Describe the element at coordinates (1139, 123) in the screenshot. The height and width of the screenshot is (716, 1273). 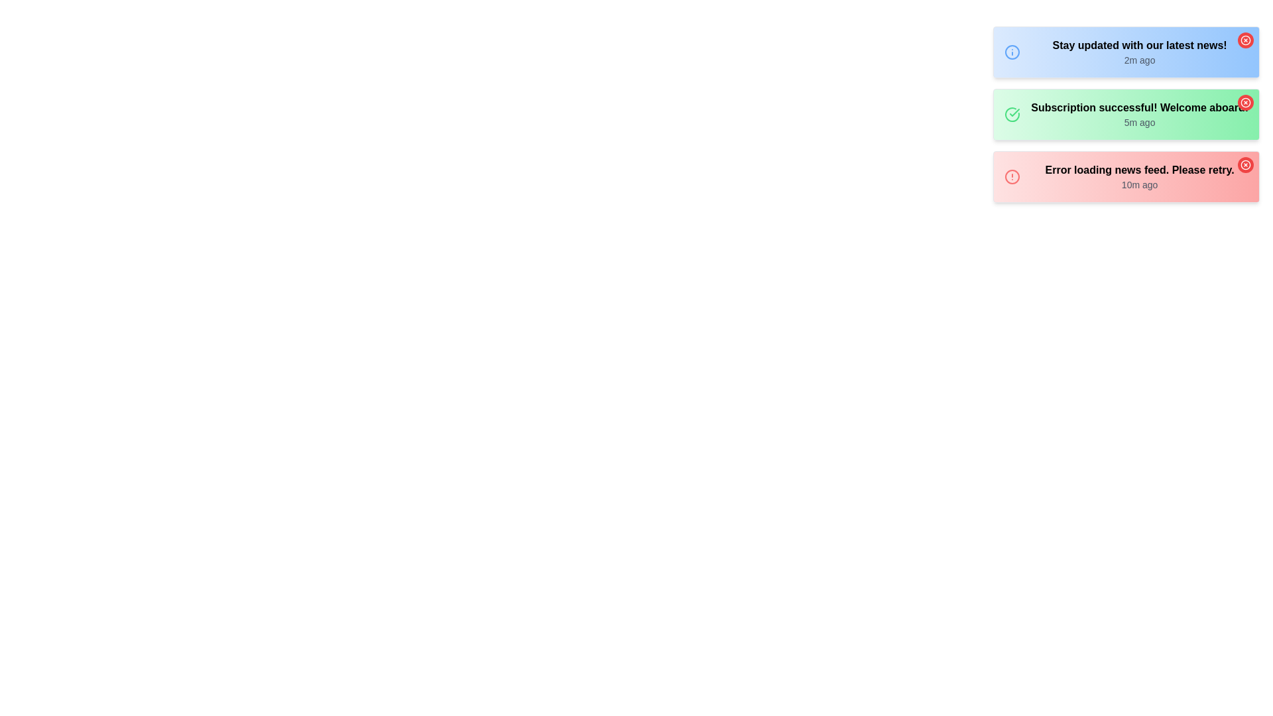
I see `the static text label that shows the timestamp or duration since the notification 'Subscription successful! Welcome aboard!' located beneath the main message` at that location.